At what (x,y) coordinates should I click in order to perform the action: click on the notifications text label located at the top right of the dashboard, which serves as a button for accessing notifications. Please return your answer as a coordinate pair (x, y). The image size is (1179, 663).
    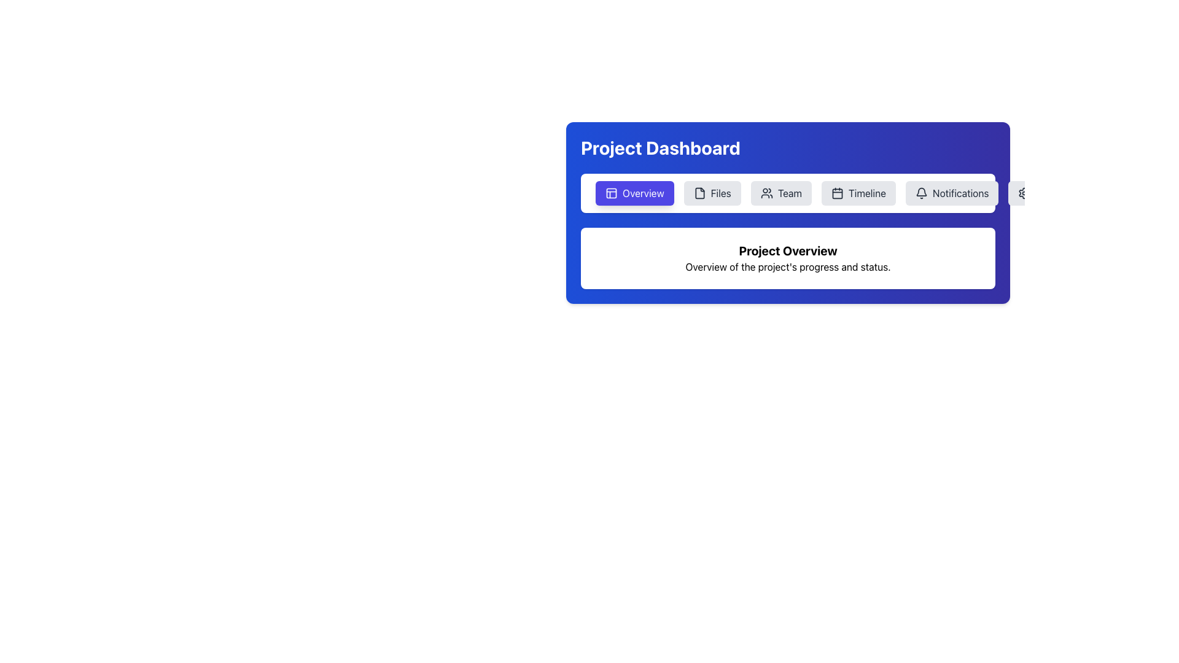
    Looking at the image, I should click on (960, 193).